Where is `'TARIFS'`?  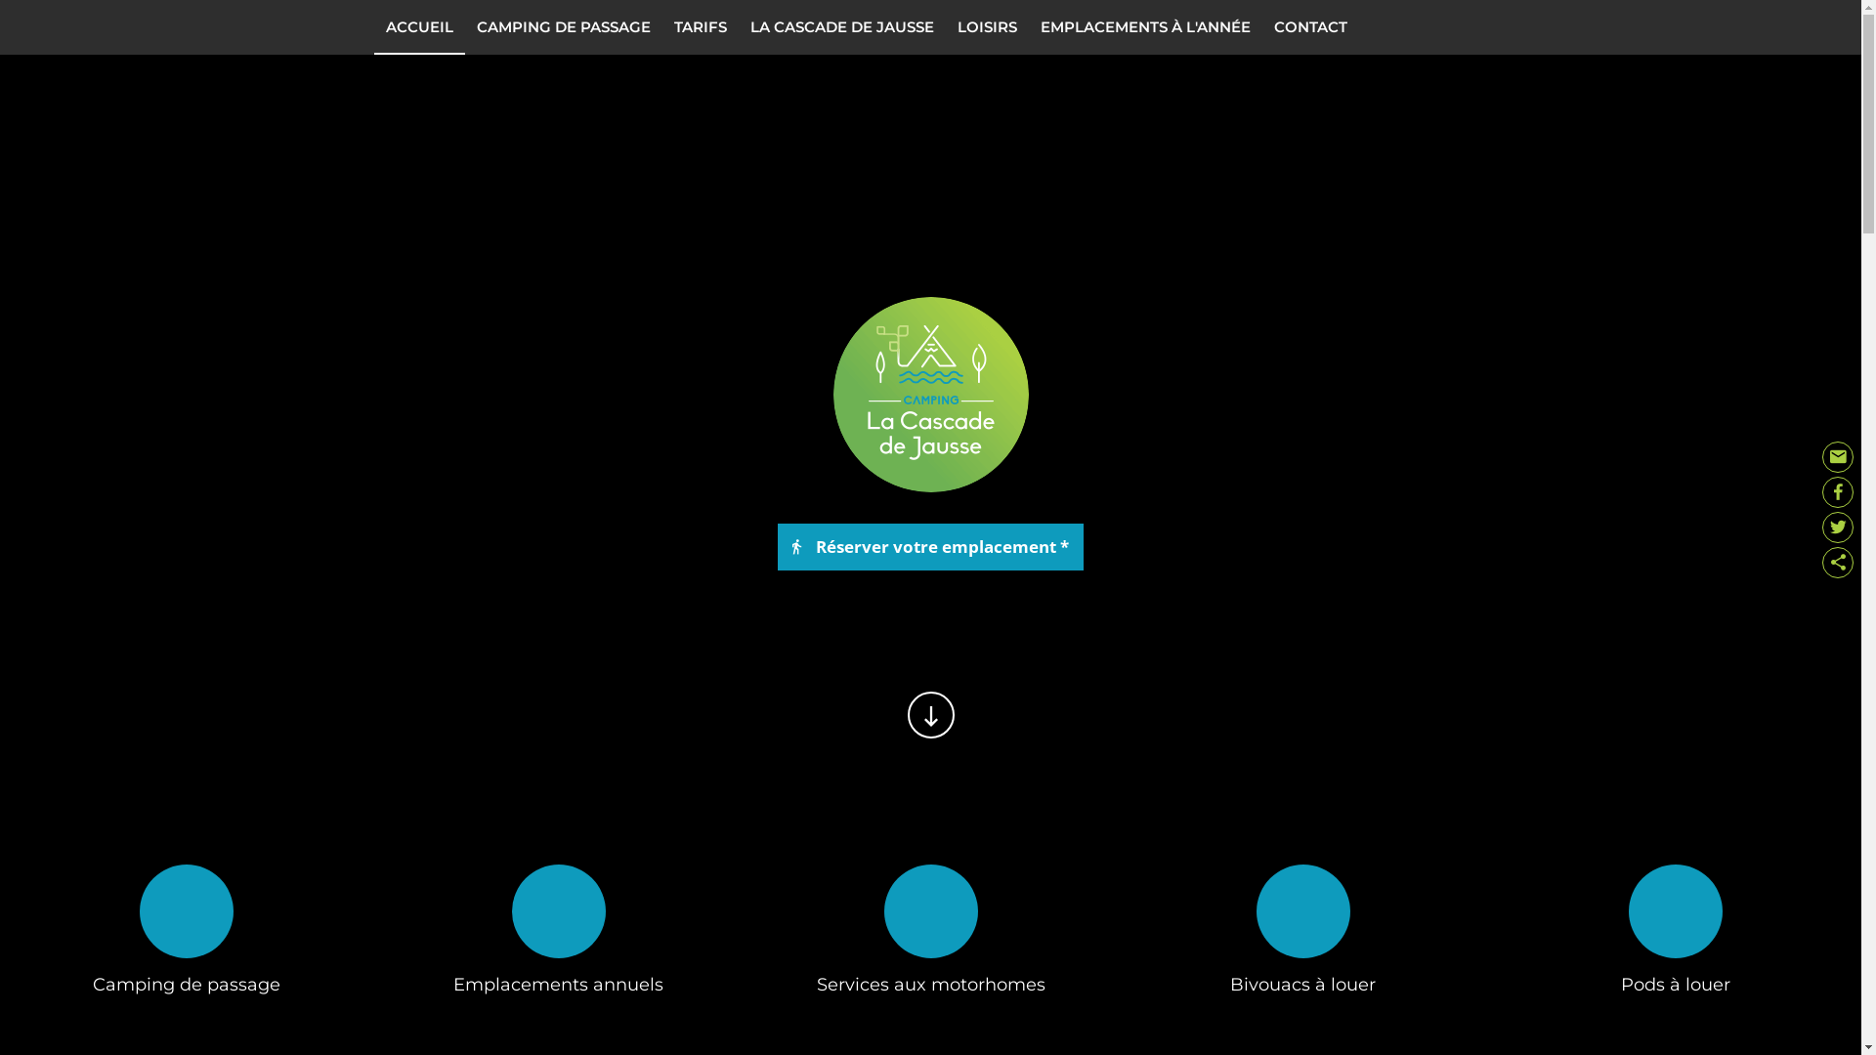
'TARIFS' is located at coordinates (700, 26).